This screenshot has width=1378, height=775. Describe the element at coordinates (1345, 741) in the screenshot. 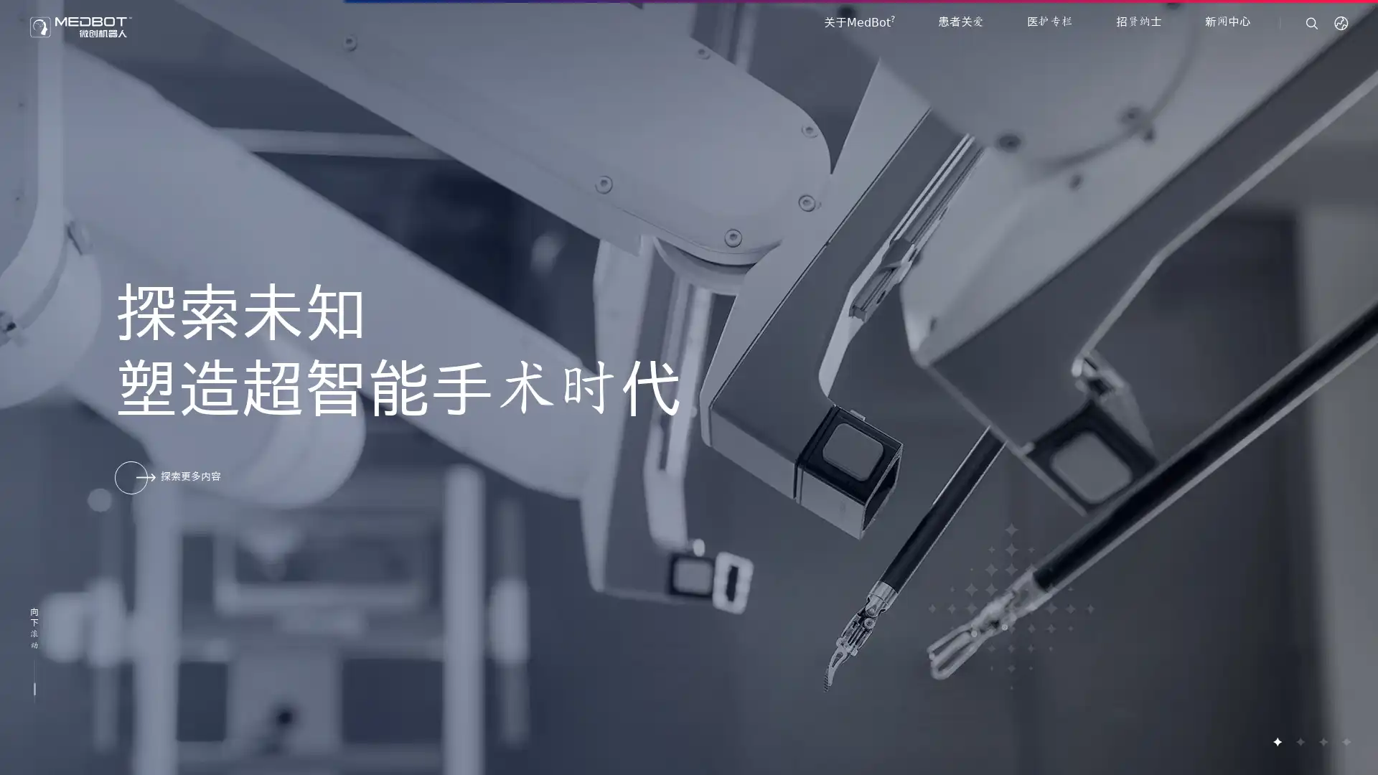

I see `Go to slide 4` at that location.